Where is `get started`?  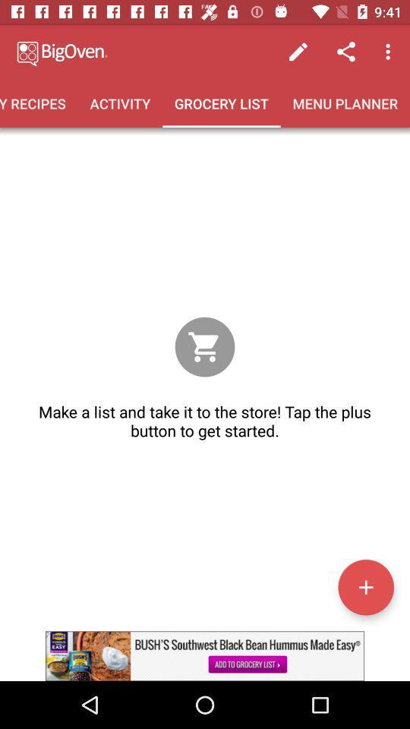
get started is located at coordinates (365, 586).